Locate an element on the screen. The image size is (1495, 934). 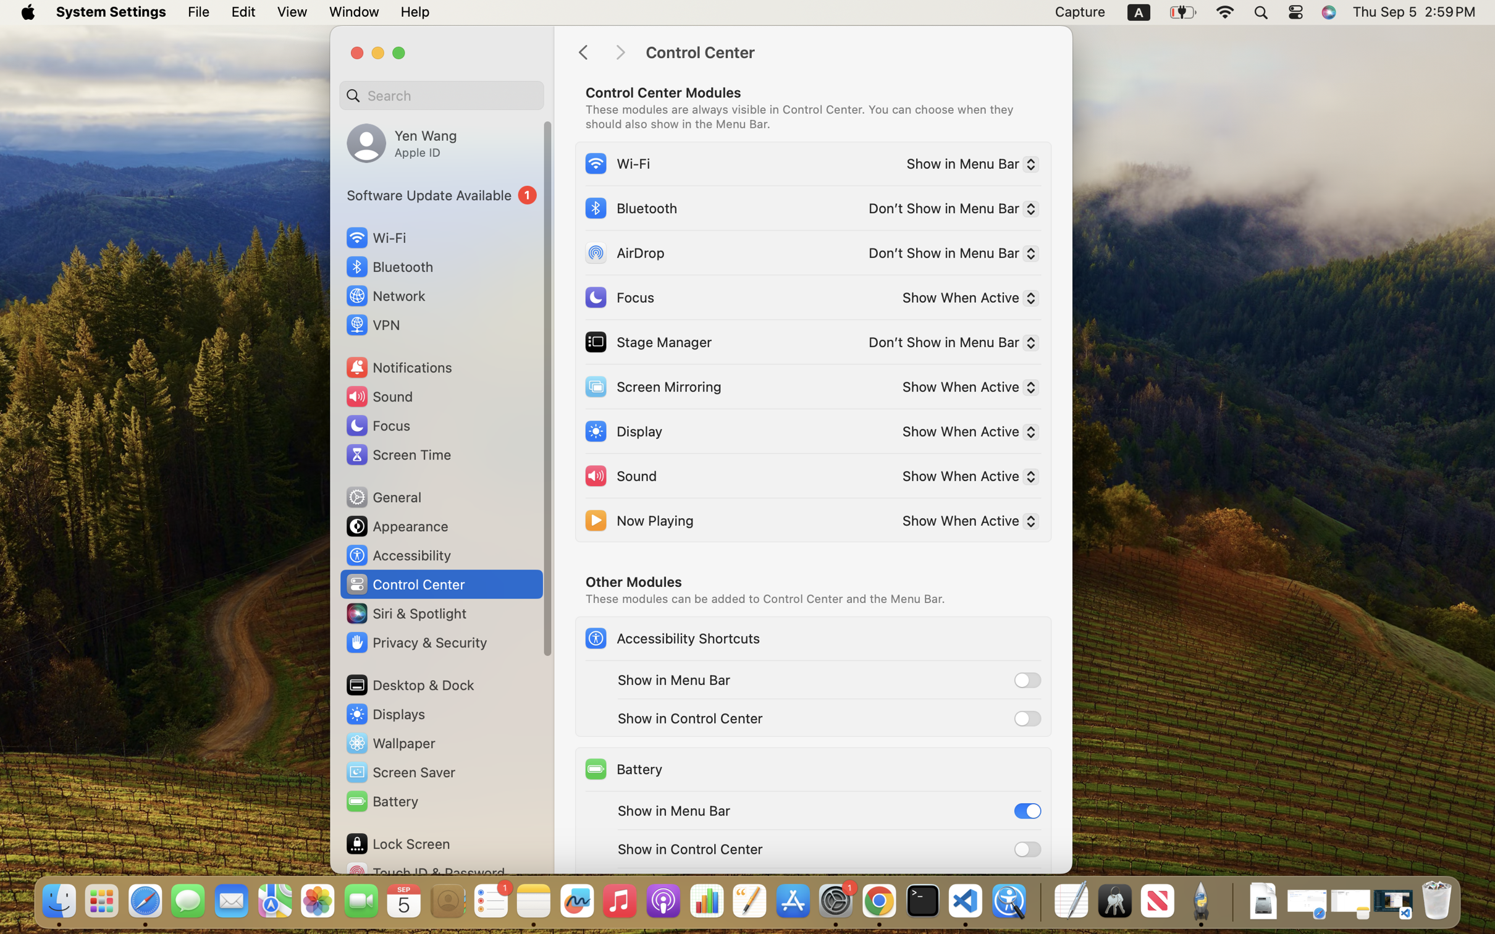
'Notifications' is located at coordinates (398, 366).